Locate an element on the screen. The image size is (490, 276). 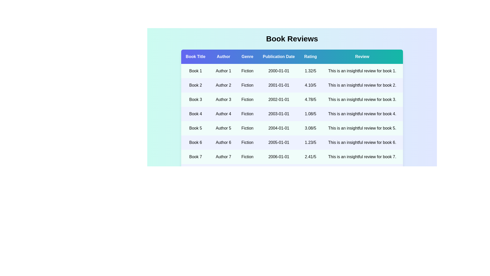
the book title Book 7 to view its details is located at coordinates (195, 156).